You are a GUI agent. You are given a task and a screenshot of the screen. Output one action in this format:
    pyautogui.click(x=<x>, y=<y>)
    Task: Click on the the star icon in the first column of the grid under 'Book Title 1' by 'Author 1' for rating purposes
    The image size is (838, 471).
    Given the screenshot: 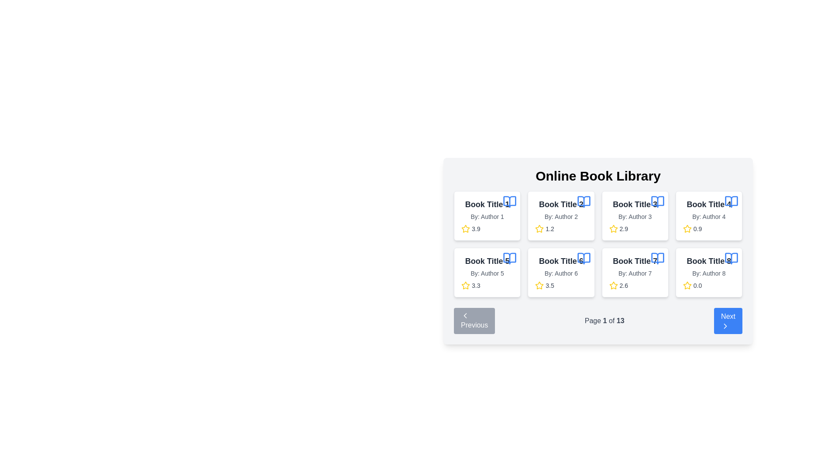 What is the action you would take?
    pyautogui.click(x=465, y=228)
    